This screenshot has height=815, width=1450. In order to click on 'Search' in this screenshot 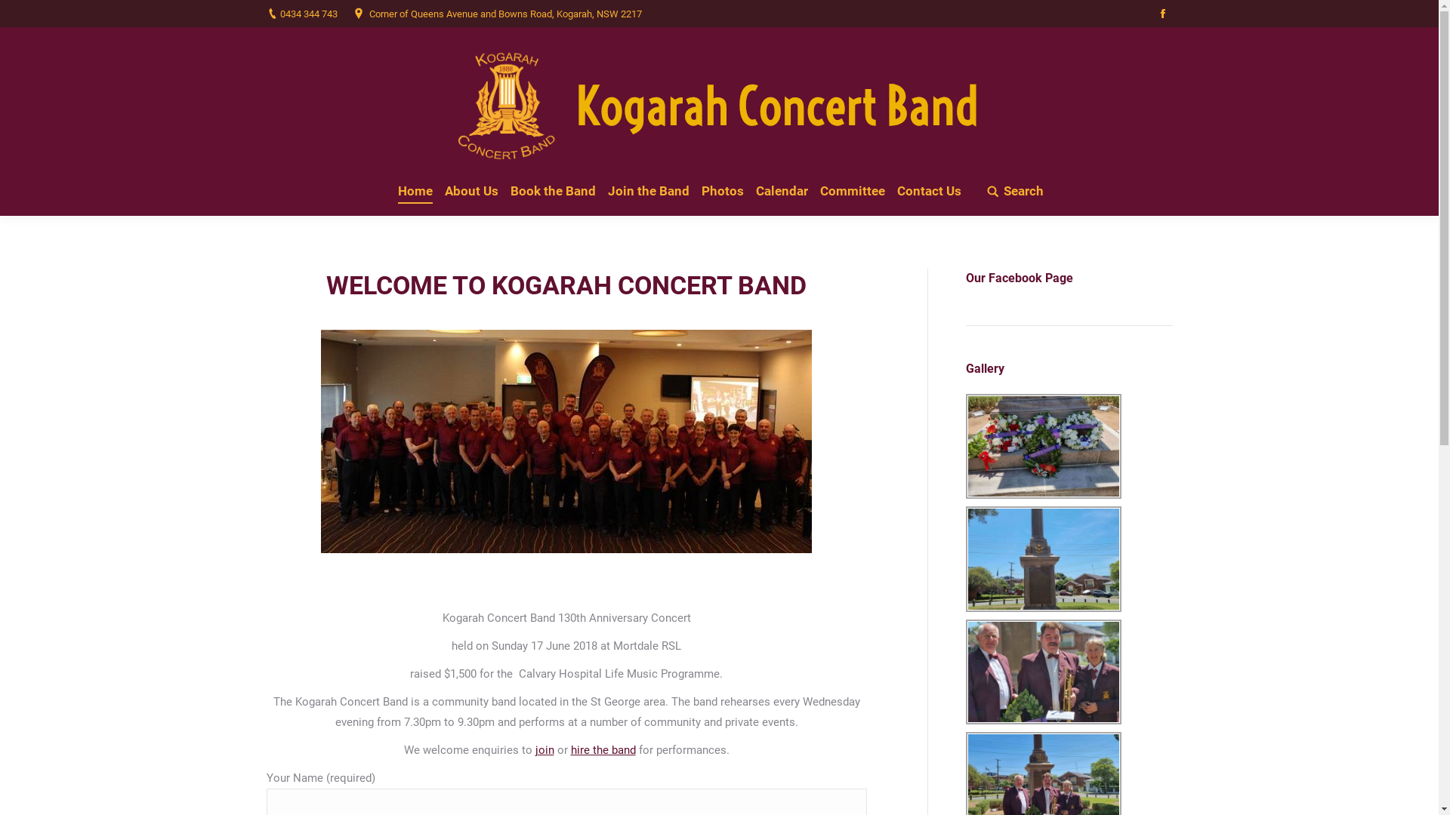, I will do `click(1015, 190)`.